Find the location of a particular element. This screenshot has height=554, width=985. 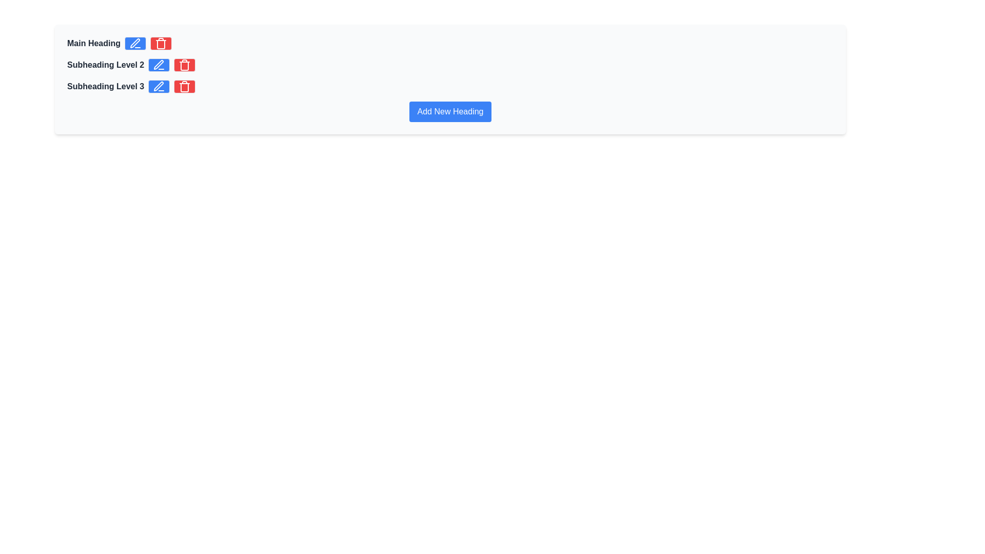

the delete action icon button located to the right of the blue pencil-shaped edit button, which is the last element in the group aligned horizontally next to the text 'Main Heading' is located at coordinates (160, 43).